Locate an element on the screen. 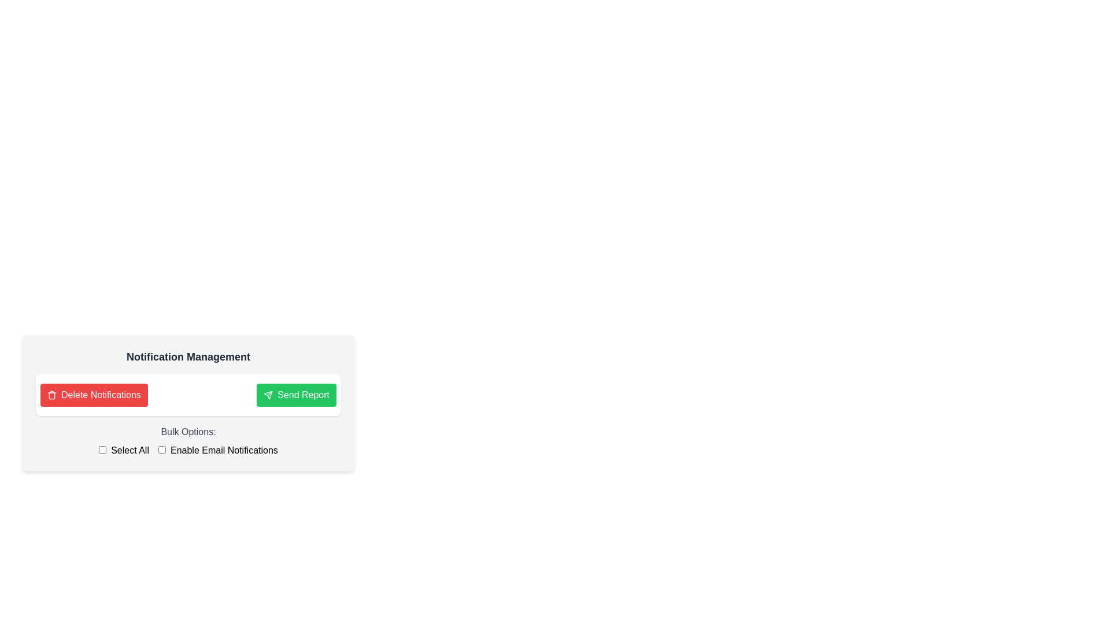 The image size is (1110, 624). the 'Send Report' text label within the green button is located at coordinates (304, 394).